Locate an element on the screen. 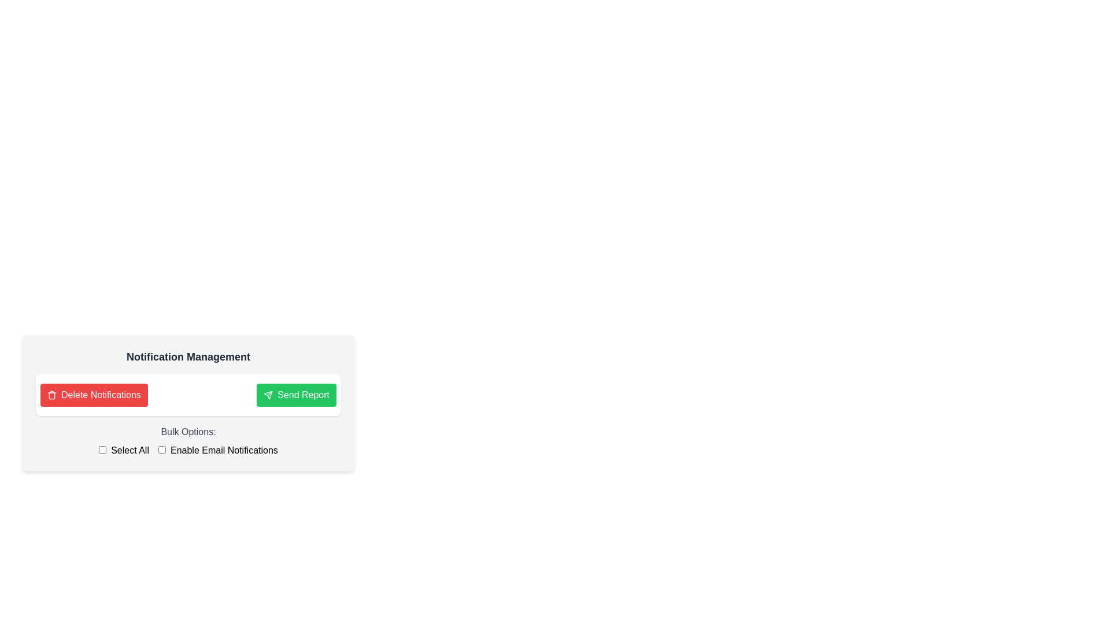 The image size is (1110, 624). the 'Send Report' text label within the green button is located at coordinates (304, 394).